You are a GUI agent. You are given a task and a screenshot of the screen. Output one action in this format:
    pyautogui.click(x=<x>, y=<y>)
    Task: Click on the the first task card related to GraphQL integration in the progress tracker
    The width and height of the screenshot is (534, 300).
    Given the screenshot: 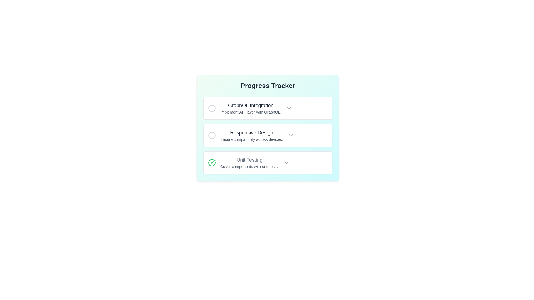 What is the action you would take?
    pyautogui.click(x=268, y=108)
    